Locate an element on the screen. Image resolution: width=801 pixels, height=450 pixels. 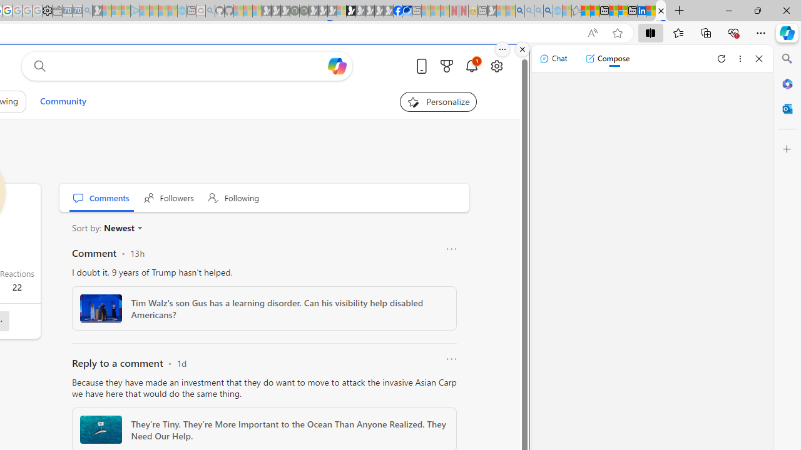
'Personalize your feed"' is located at coordinates (438, 101).